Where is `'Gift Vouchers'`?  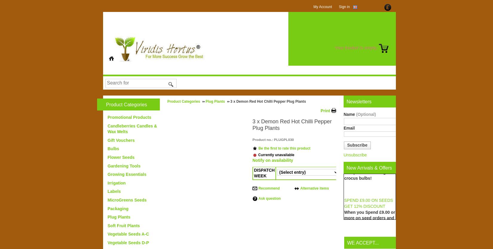 'Gift Vouchers' is located at coordinates (121, 140).